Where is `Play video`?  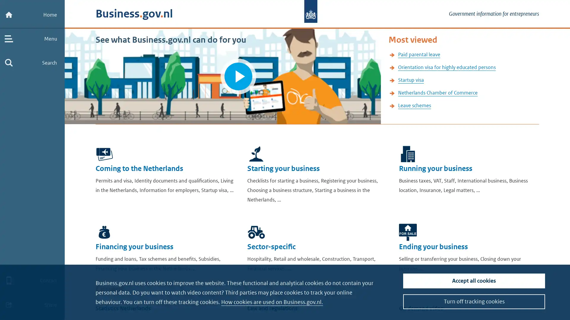 Play video is located at coordinates (238, 76).